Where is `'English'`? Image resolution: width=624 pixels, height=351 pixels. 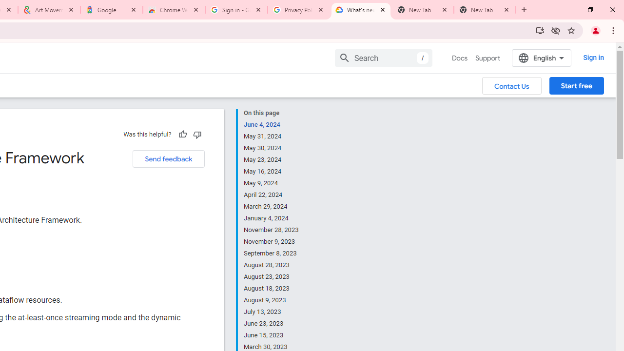 'English' is located at coordinates (541, 58).